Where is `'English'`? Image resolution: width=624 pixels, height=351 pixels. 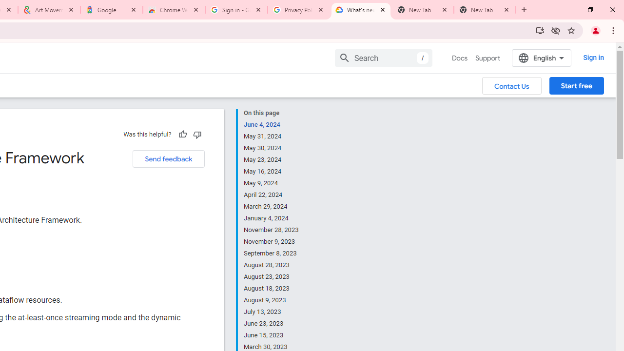 'English' is located at coordinates (541, 58).